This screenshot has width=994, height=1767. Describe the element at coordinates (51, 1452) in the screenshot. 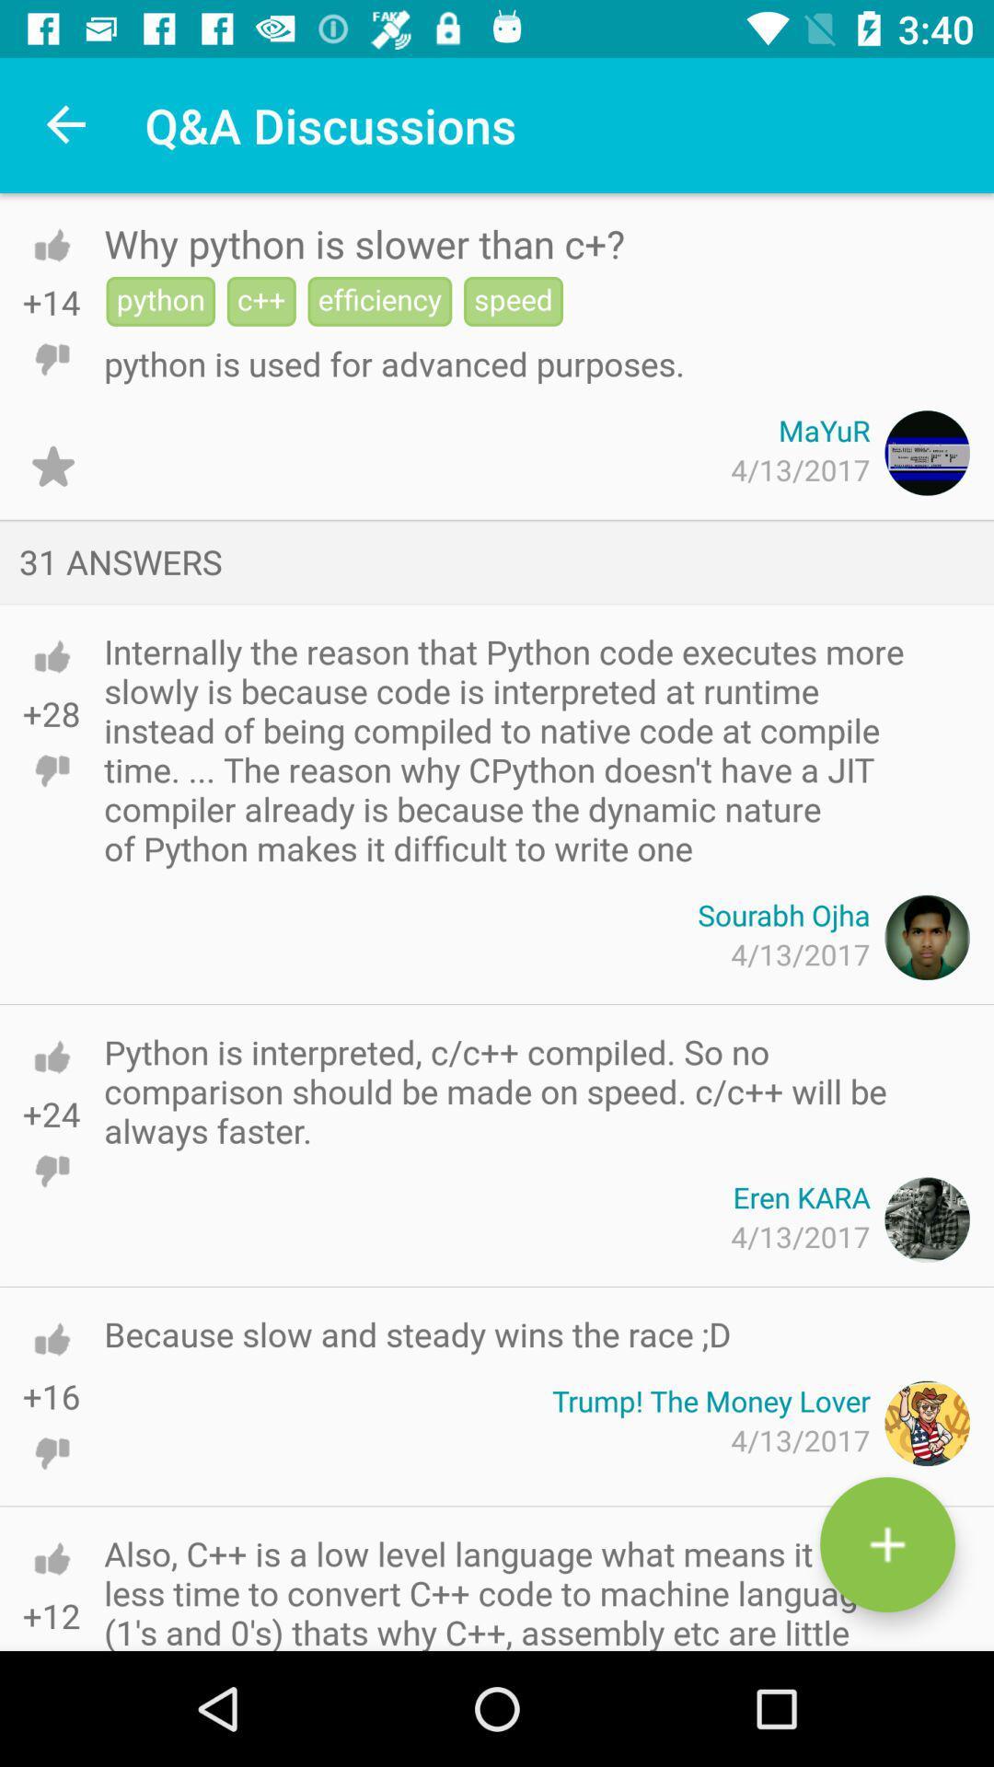

I see `pick thumbs down` at that location.